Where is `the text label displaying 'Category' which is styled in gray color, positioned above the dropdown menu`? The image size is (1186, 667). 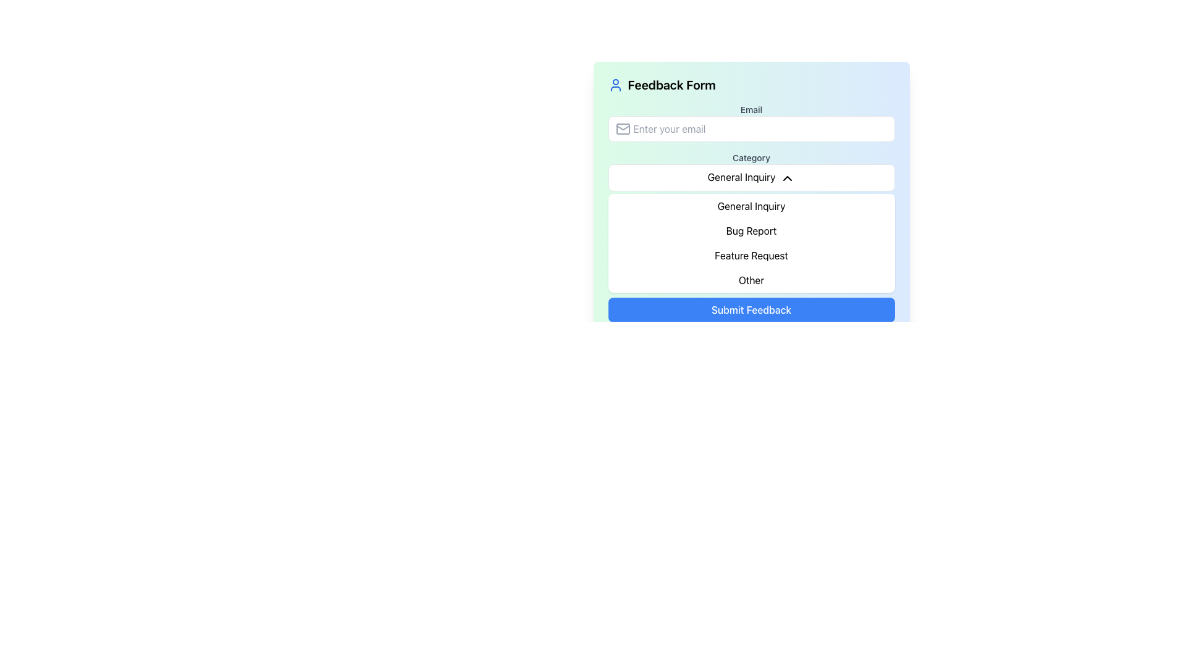 the text label displaying 'Category' which is styled in gray color, positioned above the dropdown menu is located at coordinates (751, 157).